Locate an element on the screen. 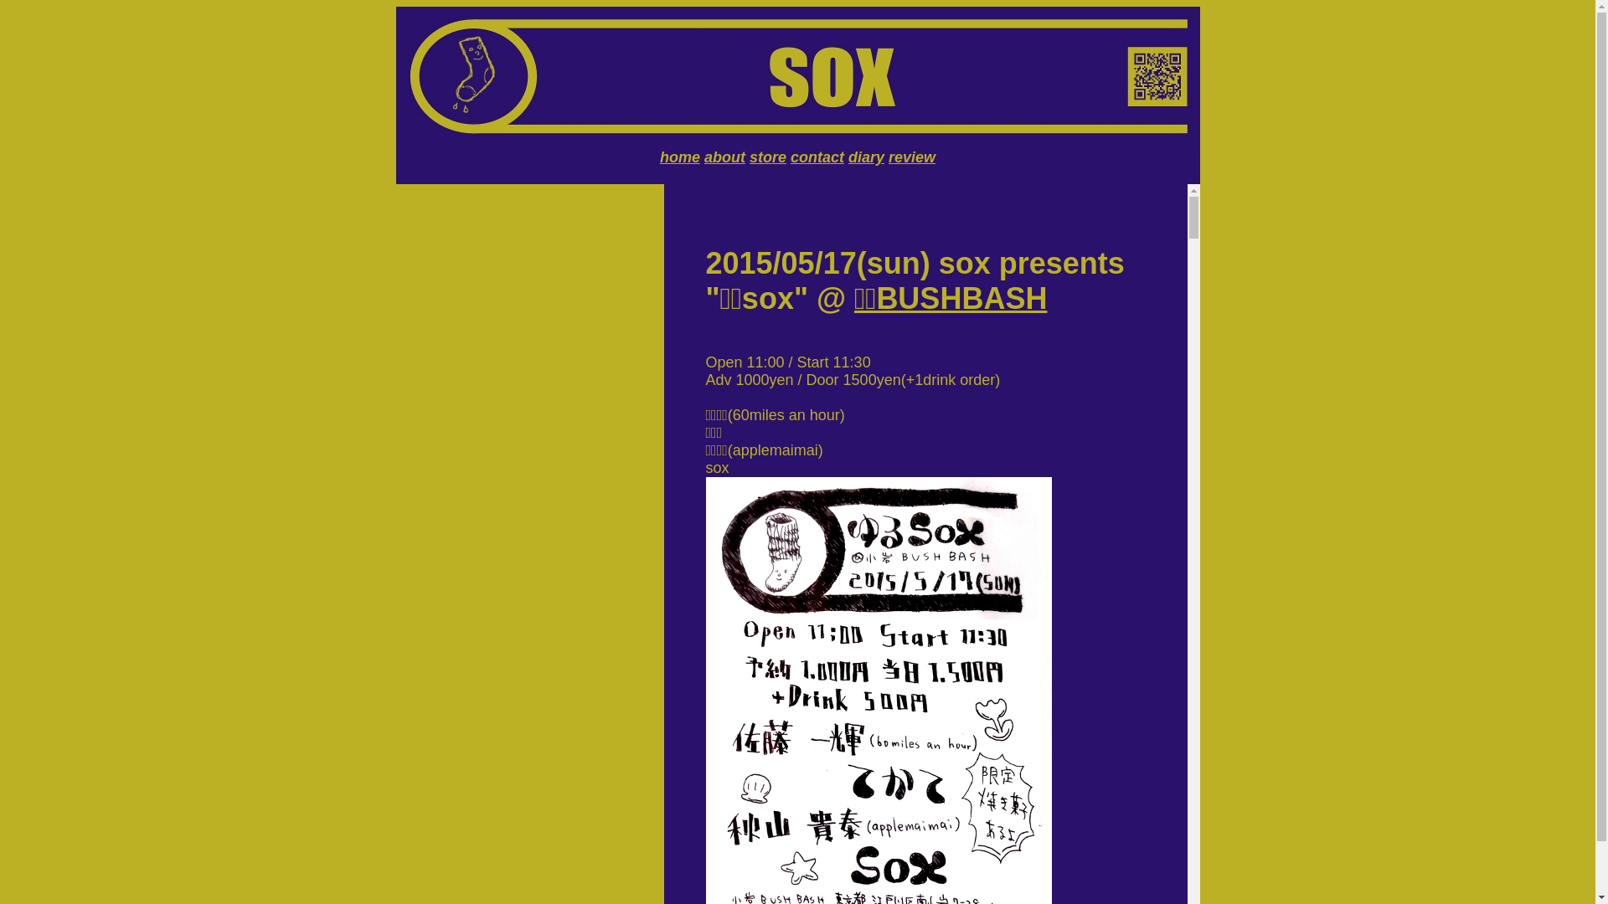 The image size is (1608, 904). 'store' is located at coordinates (766, 157).